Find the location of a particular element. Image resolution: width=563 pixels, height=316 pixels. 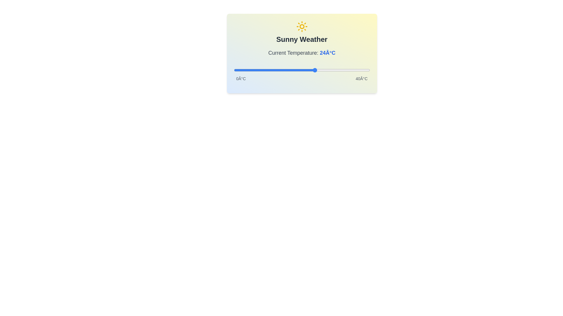

the temperature slider is located at coordinates (318, 70).